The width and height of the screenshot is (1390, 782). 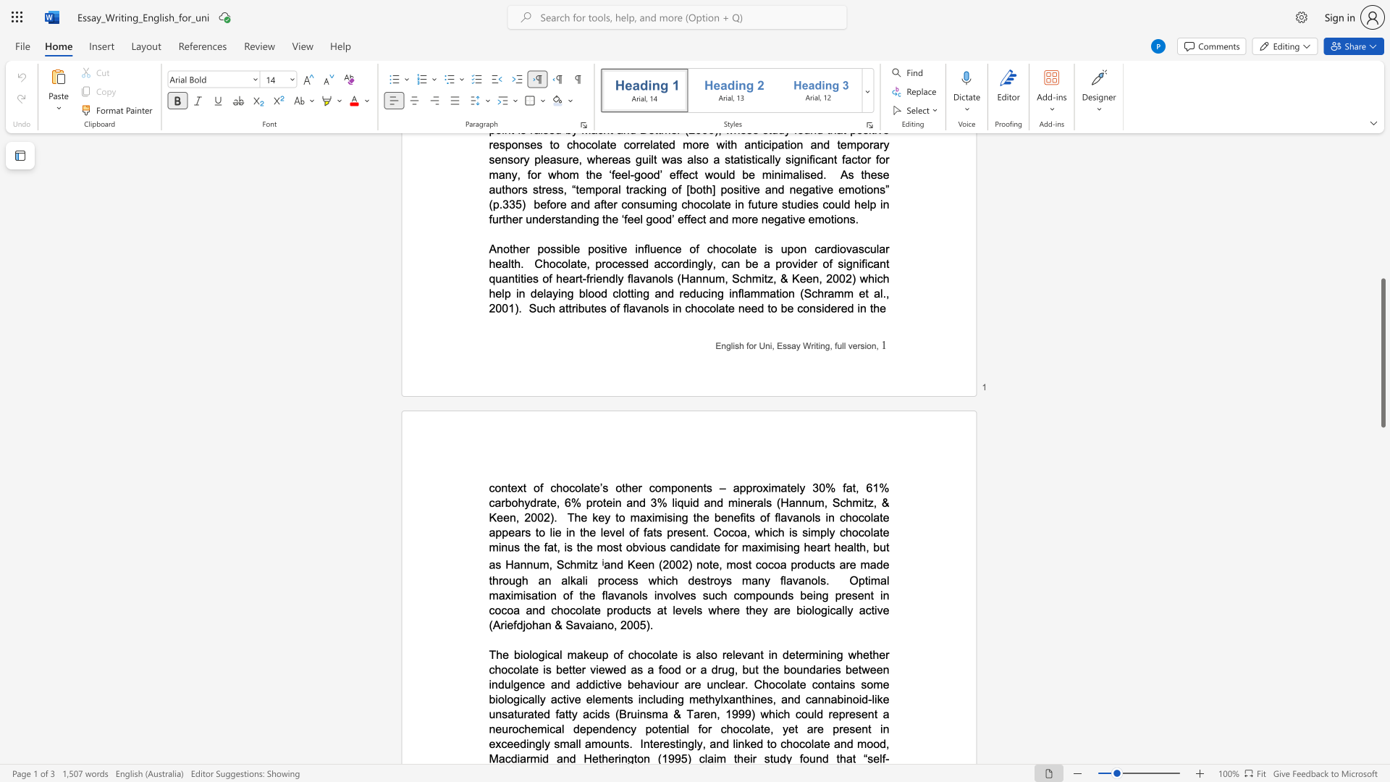 What do you see at coordinates (1382, 353) in the screenshot?
I see `the scrollbar and move down 1650 pixels` at bounding box center [1382, 353].